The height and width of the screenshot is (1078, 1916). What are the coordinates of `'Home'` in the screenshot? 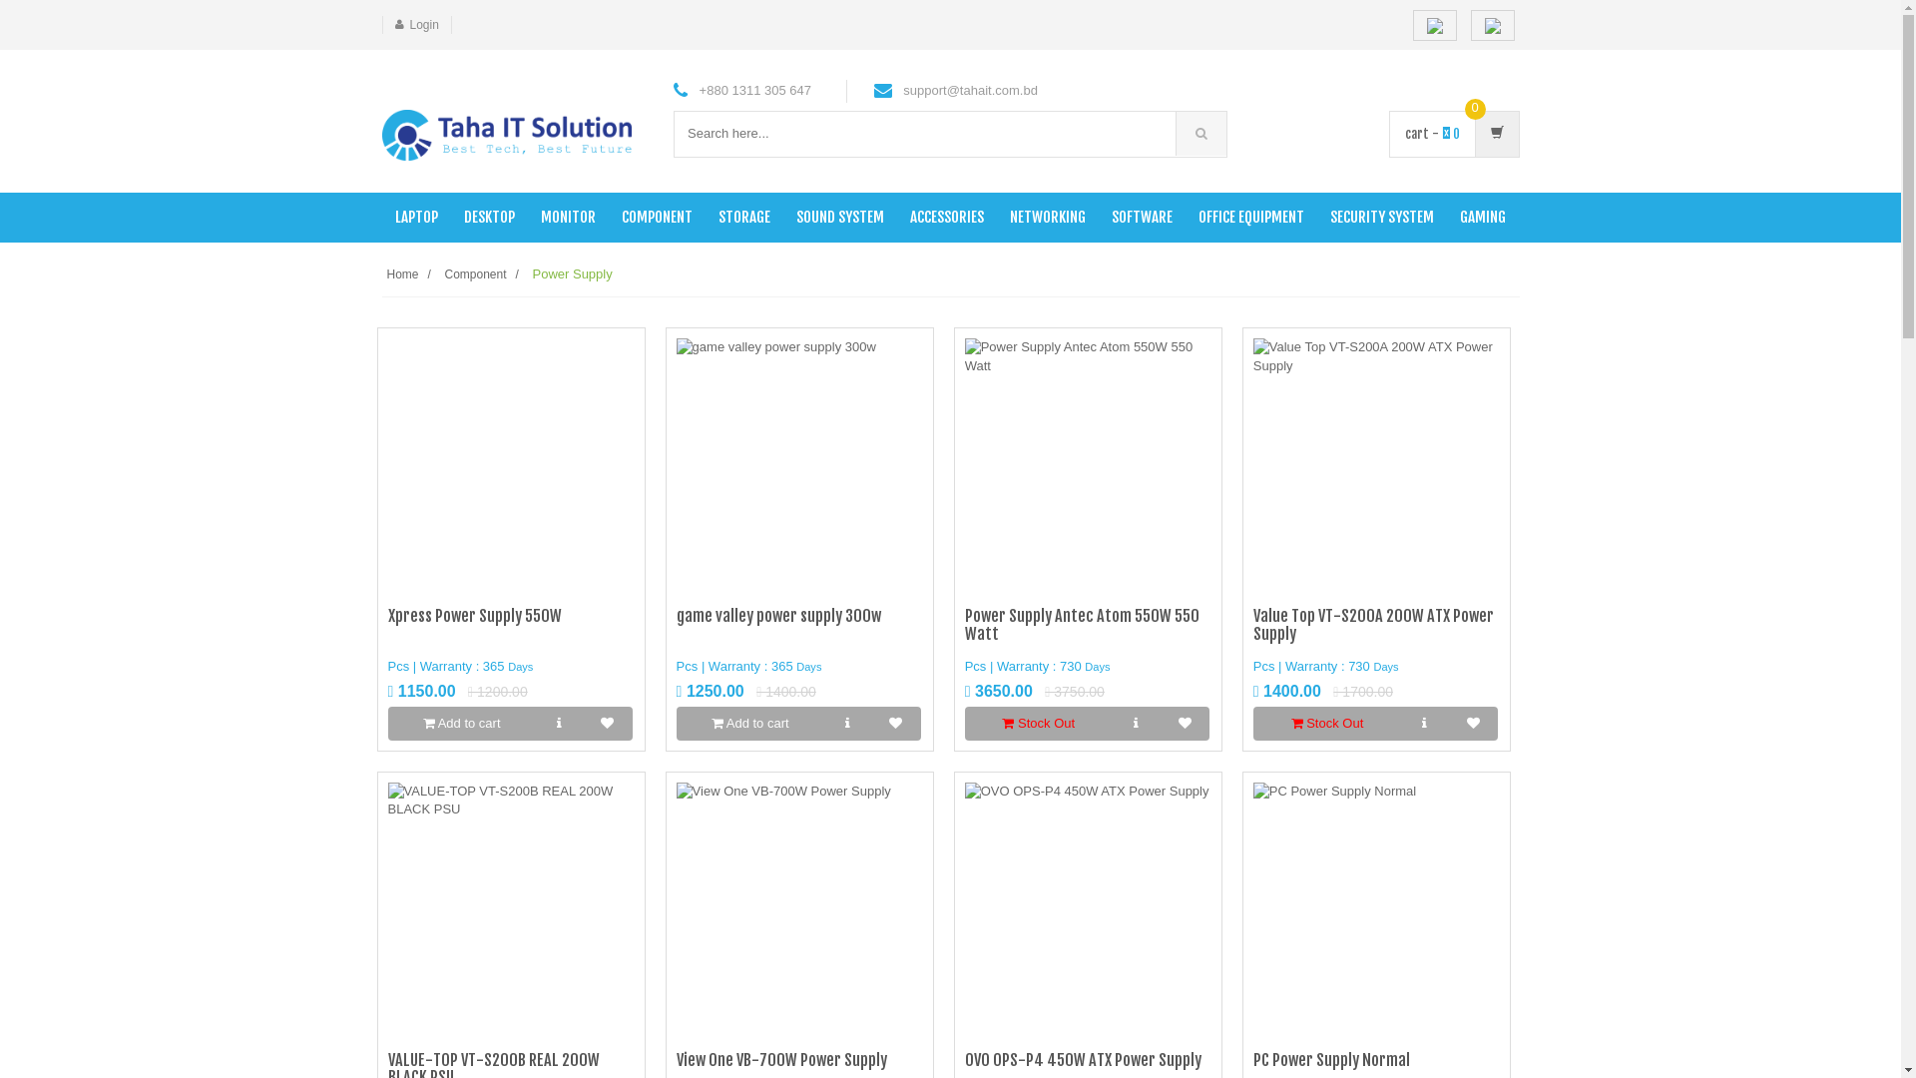 It's located at (401, 273).